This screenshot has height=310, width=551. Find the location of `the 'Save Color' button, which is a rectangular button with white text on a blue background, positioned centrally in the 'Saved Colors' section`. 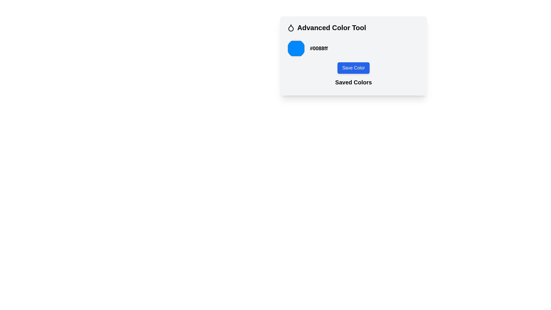

the 'Save Color' button, which is a rectangular button with white text on a blue background, positioned centrally in the 'Saved Colors' section is located at coordinates (353, 64).